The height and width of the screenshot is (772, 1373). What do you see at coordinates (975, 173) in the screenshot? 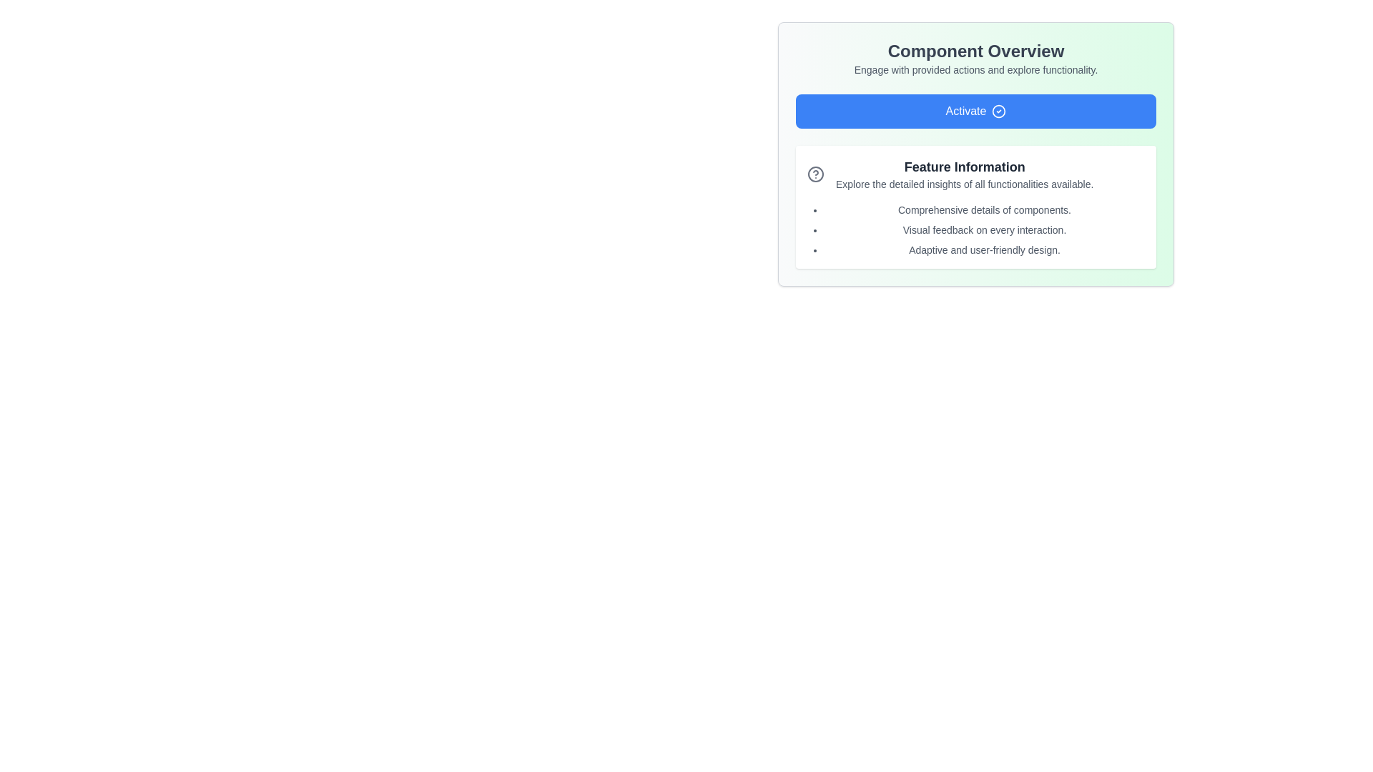
I see `the 'Feature Information' Text Block with Icon, which includes the title and subtitle providing insights about functionalities` at bounding box center [975, 173].